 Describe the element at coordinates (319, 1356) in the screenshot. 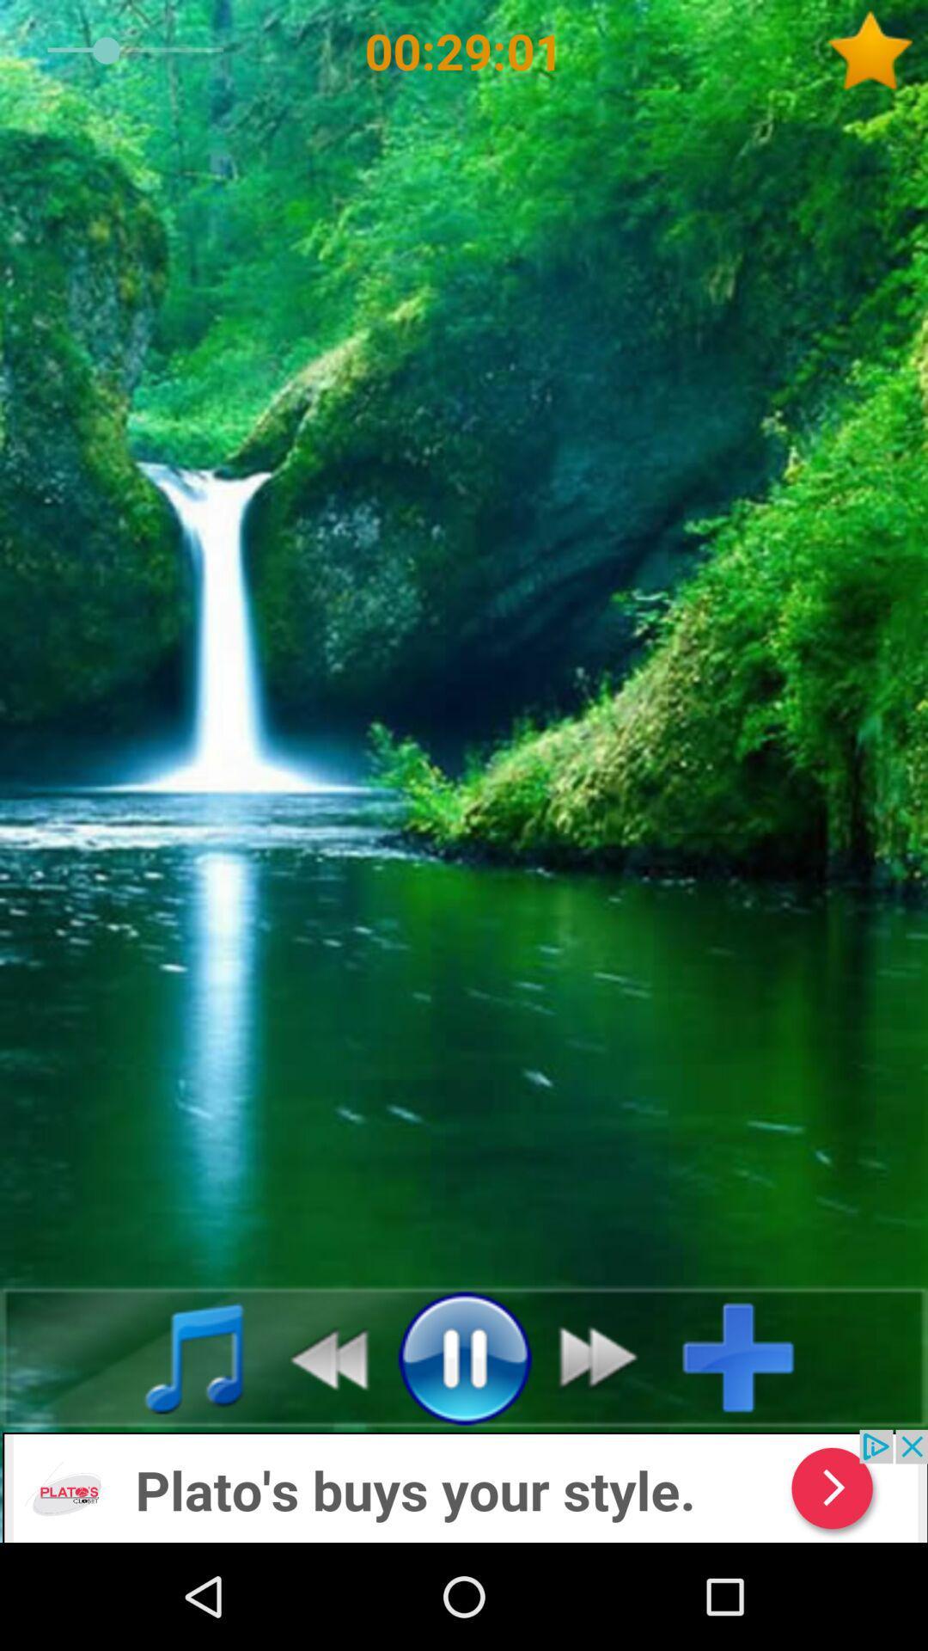

I see `go back` at that location.